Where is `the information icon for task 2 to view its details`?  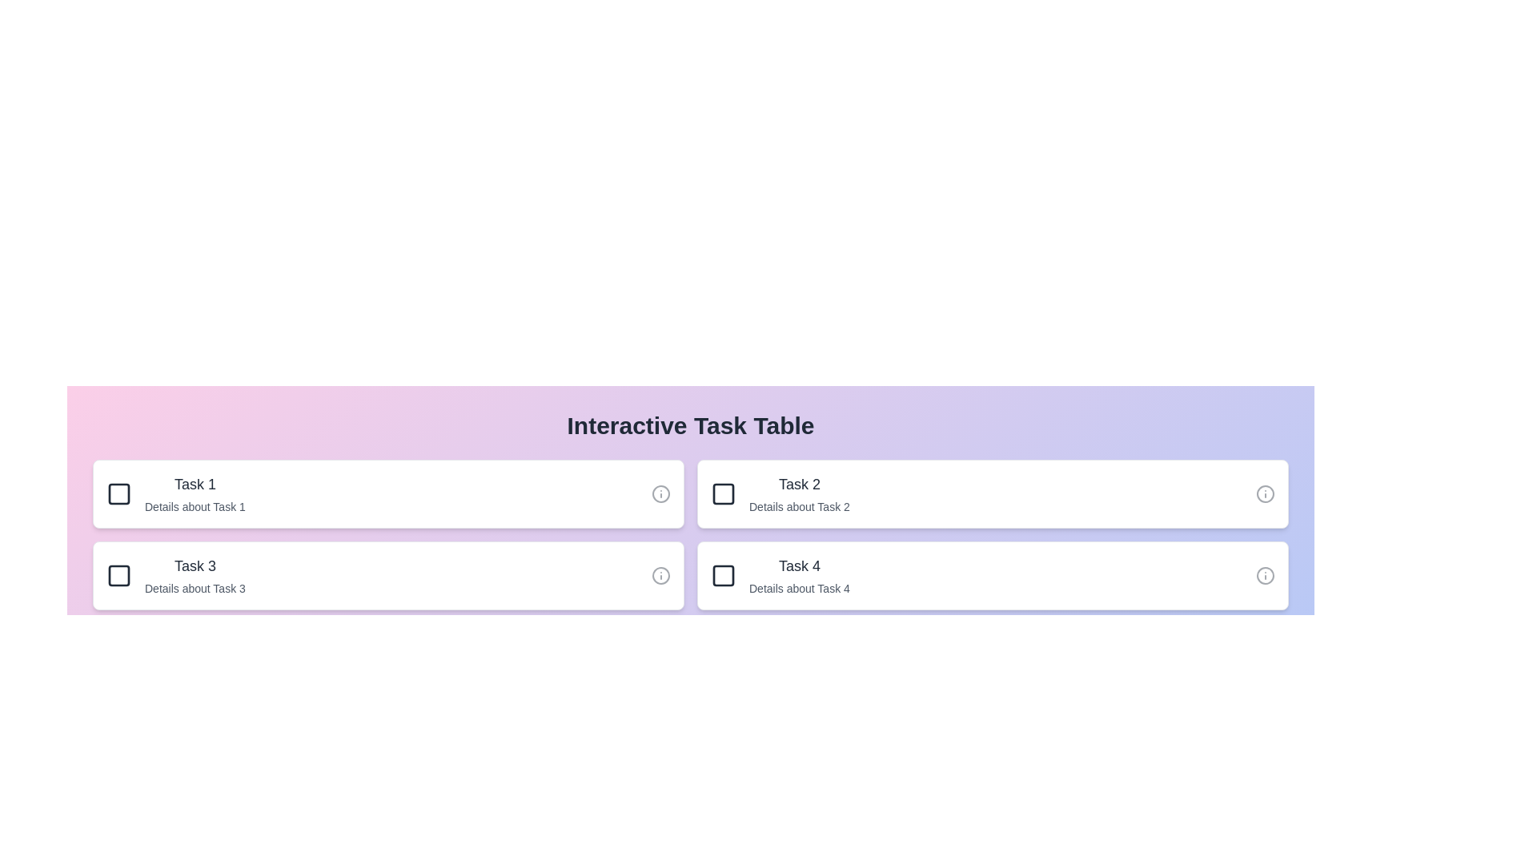
the information icon for task 2 to view its details is located at coordinates (1264, 493).